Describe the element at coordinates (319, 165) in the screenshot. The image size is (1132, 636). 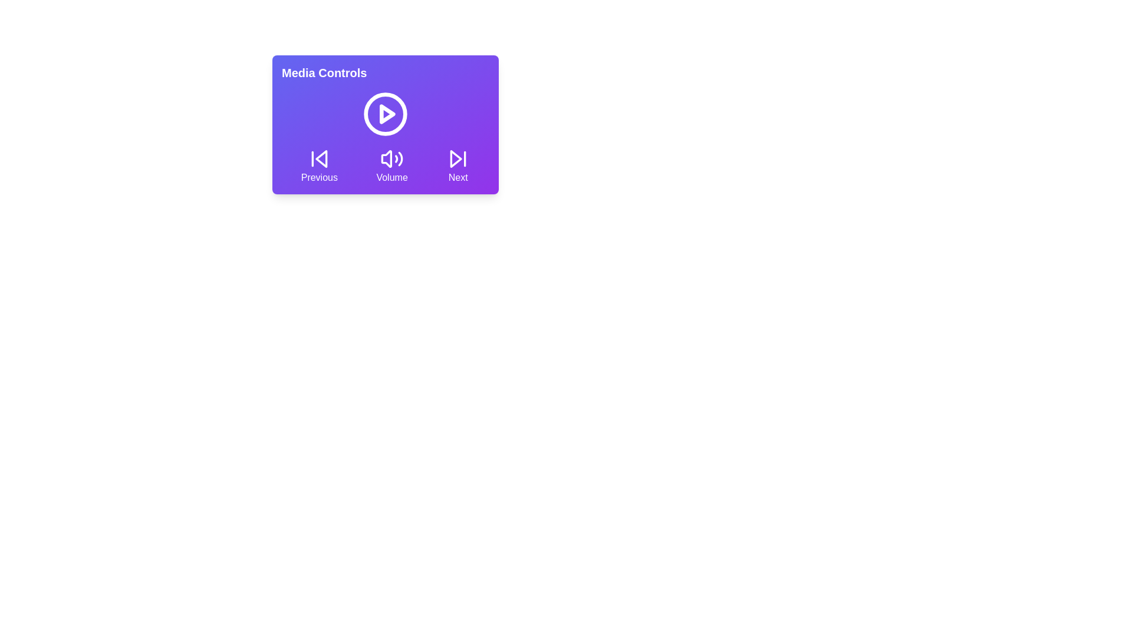
I see `the Previous button to view its hover effect` at that location.